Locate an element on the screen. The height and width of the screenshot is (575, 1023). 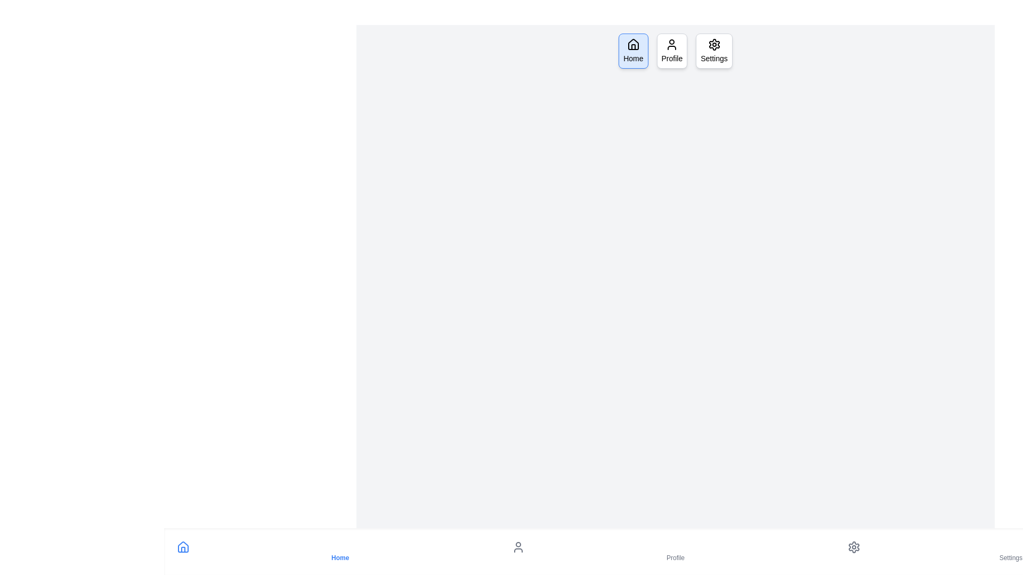
the 'Profile' navigation button located in the bottom navigation bar to trigger visual feedback is located at coordinates (675, 551).